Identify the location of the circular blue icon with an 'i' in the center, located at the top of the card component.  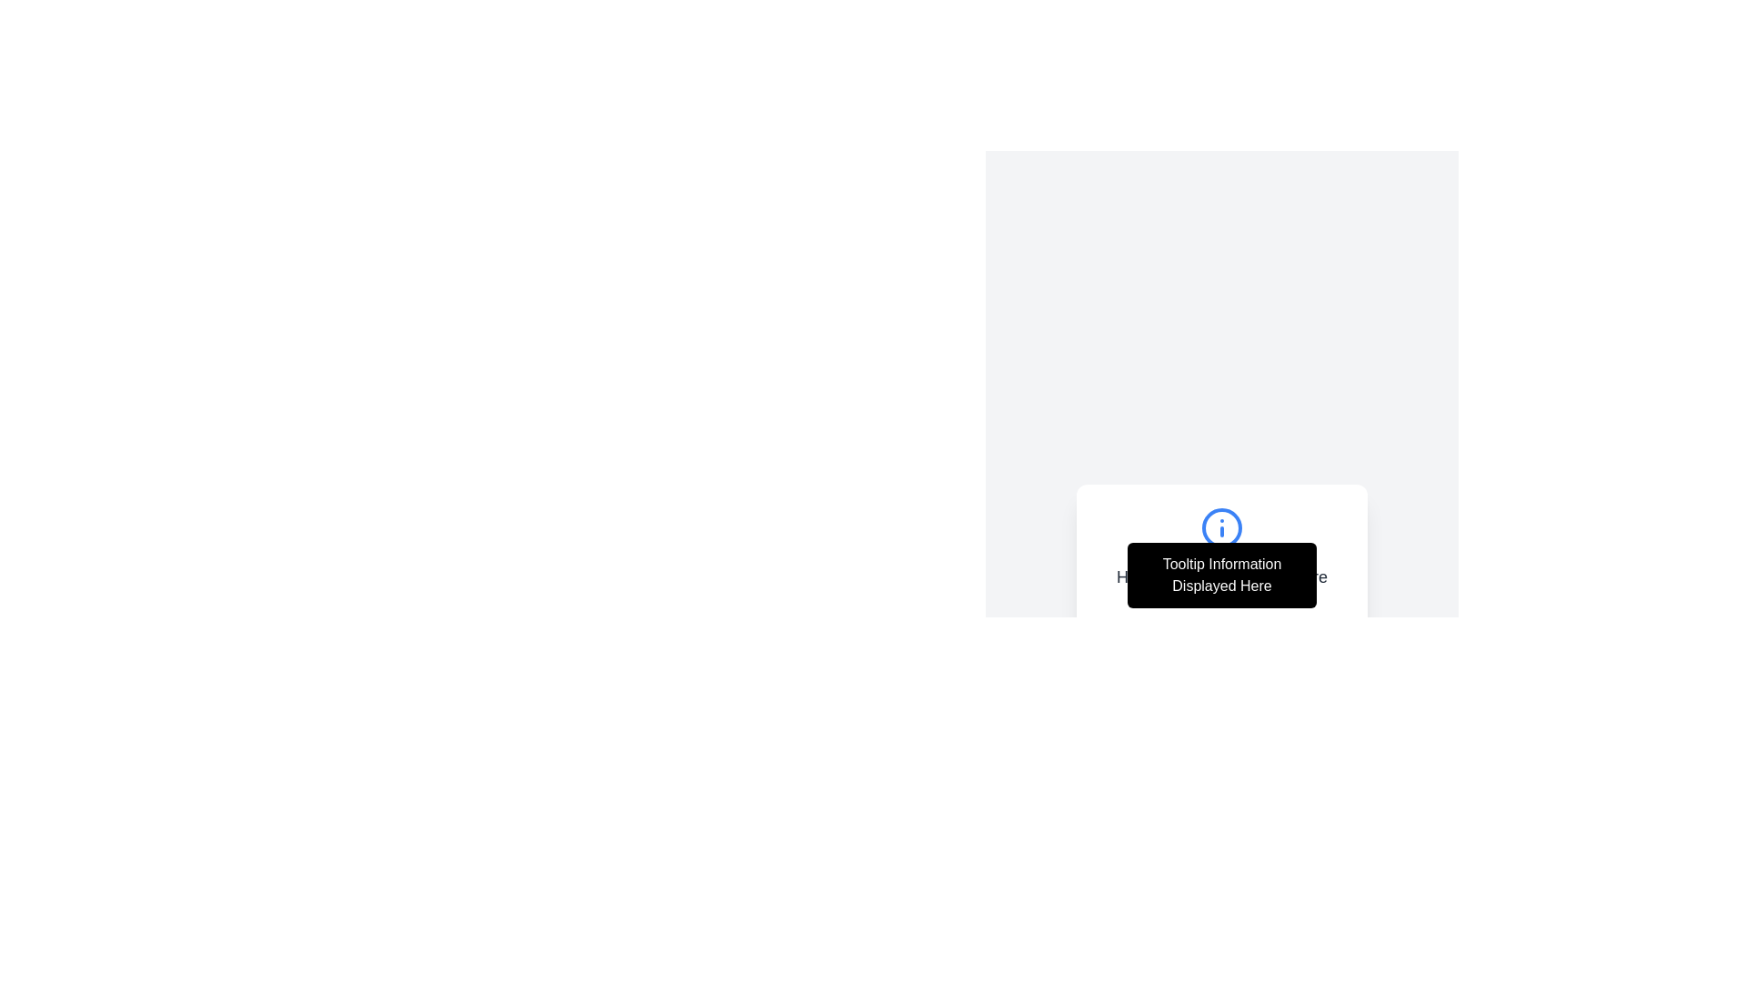
(1222, 528).